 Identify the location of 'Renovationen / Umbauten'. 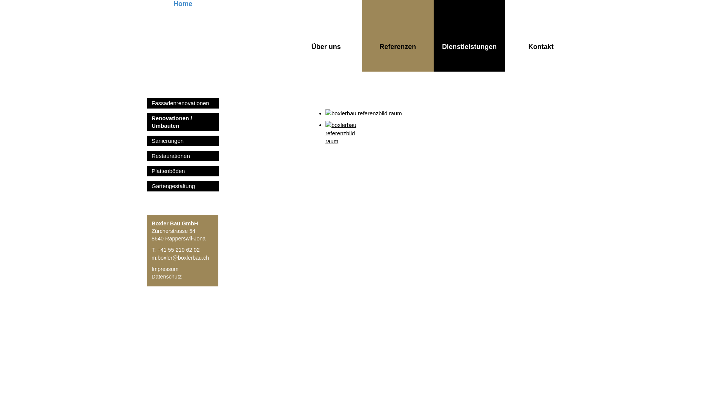
(183, 122).